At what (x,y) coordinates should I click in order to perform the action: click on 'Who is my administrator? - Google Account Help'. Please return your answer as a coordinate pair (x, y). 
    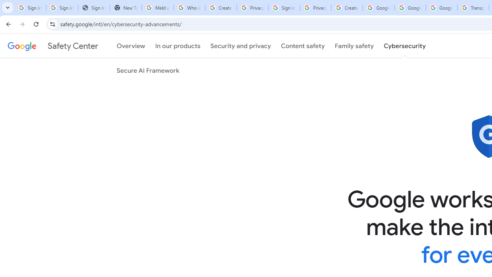
    Looking at the image, I should click on (189, 8).